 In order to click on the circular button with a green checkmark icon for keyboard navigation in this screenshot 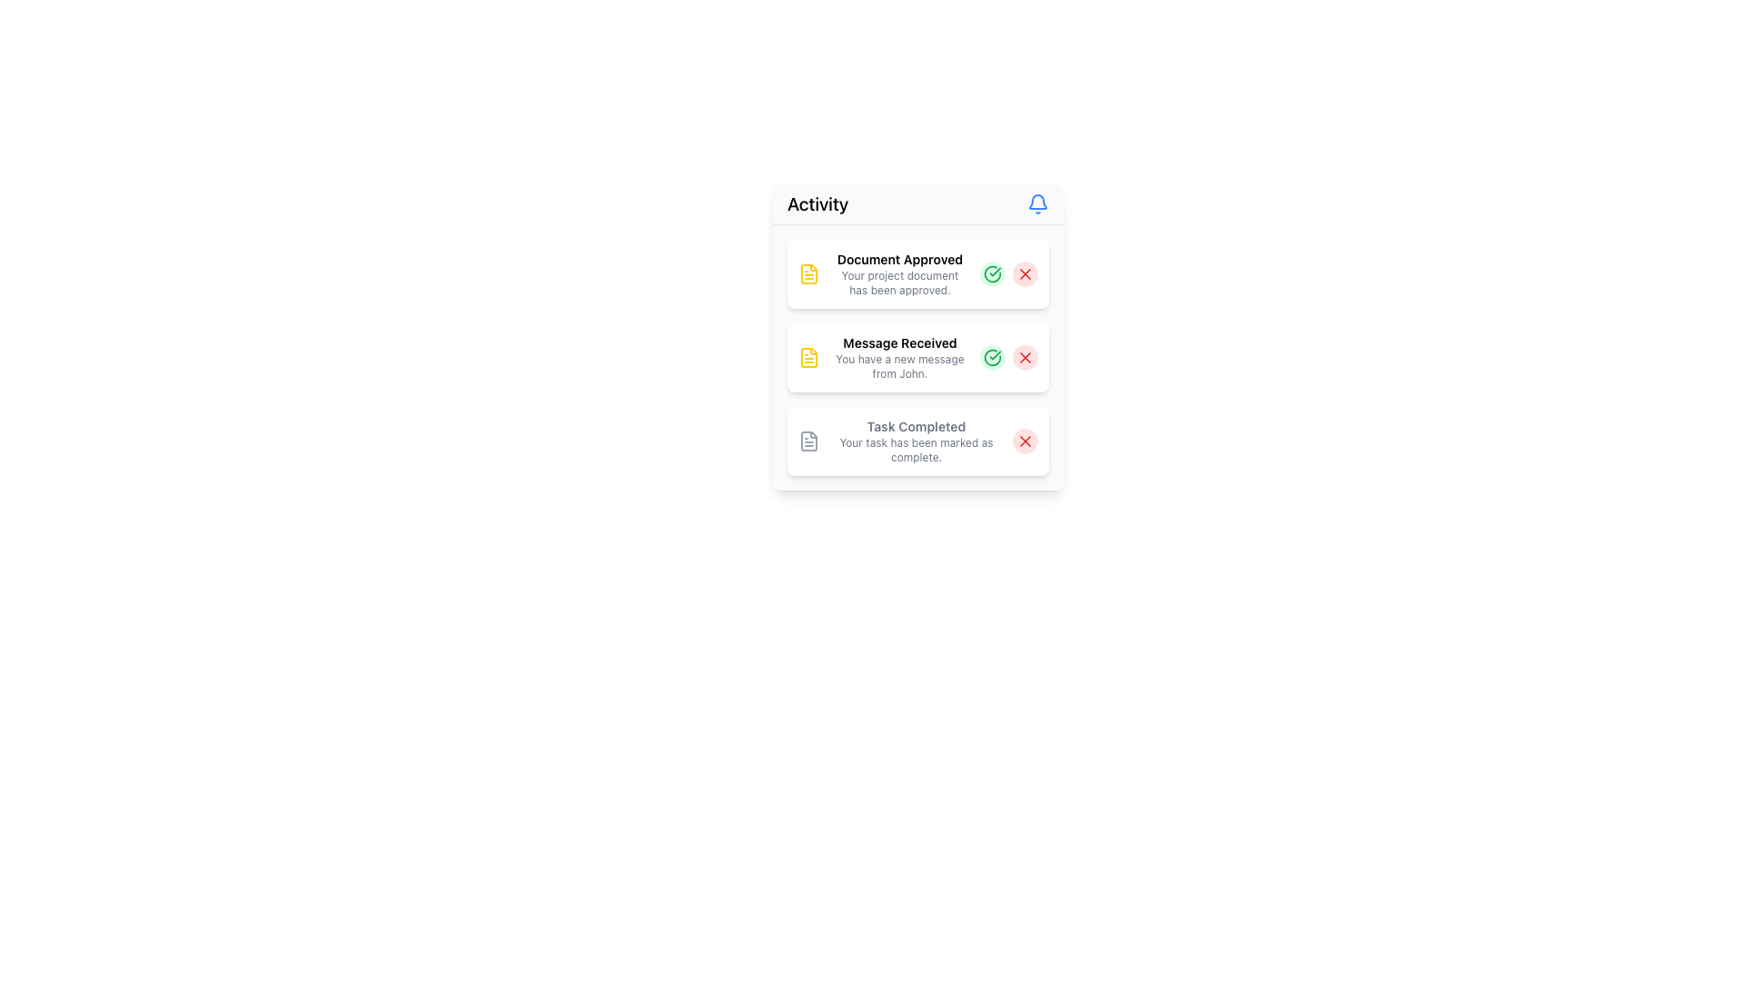, I will do `click(992, 273)`.